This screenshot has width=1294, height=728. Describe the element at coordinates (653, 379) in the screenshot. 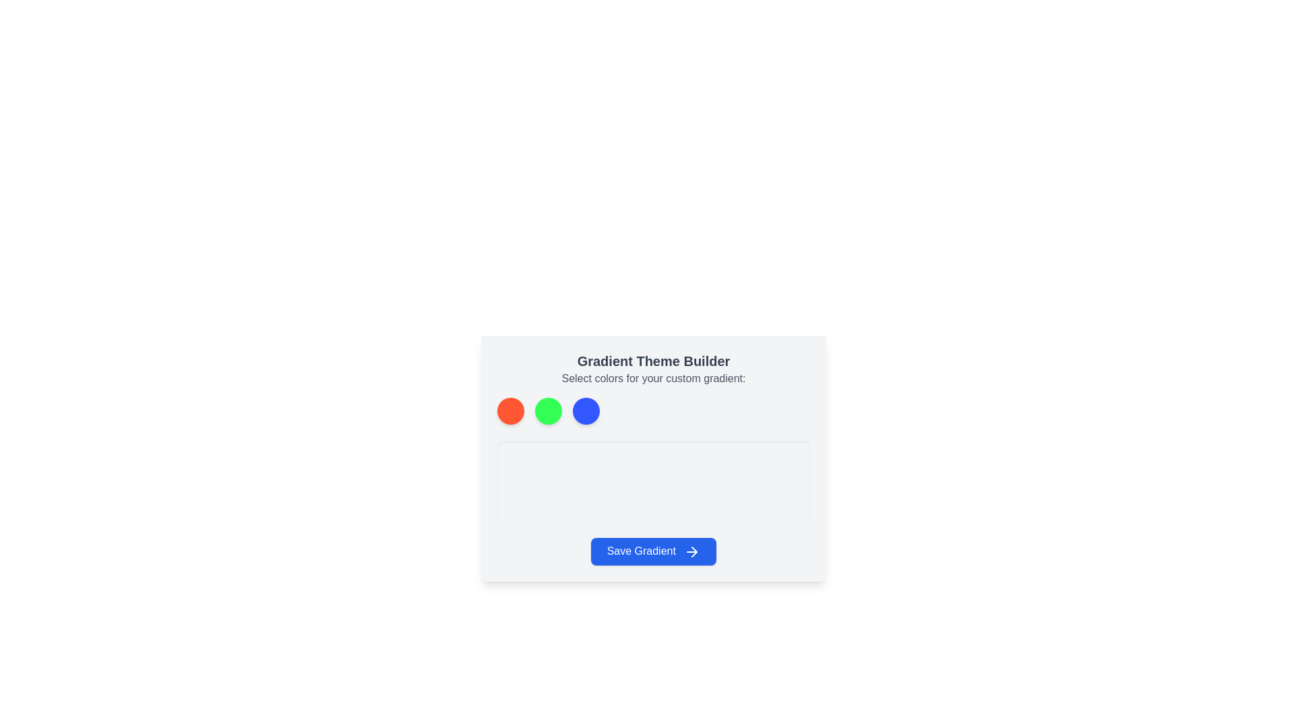

I see `the static text label reading 'Select colors for your custom gradient:' which is styled in gray and positioned below the title 'Gradient Theme Builder'` at that location.